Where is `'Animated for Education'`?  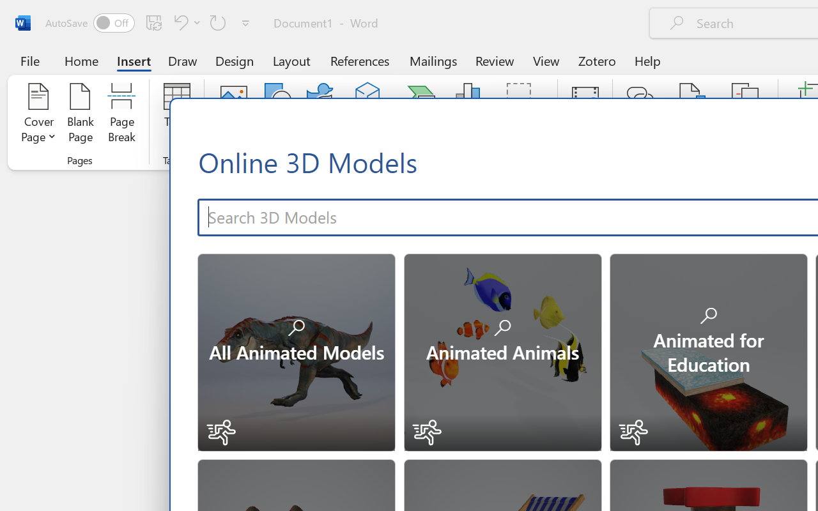 'Animated for Education' is located at coordinates (707, 351).